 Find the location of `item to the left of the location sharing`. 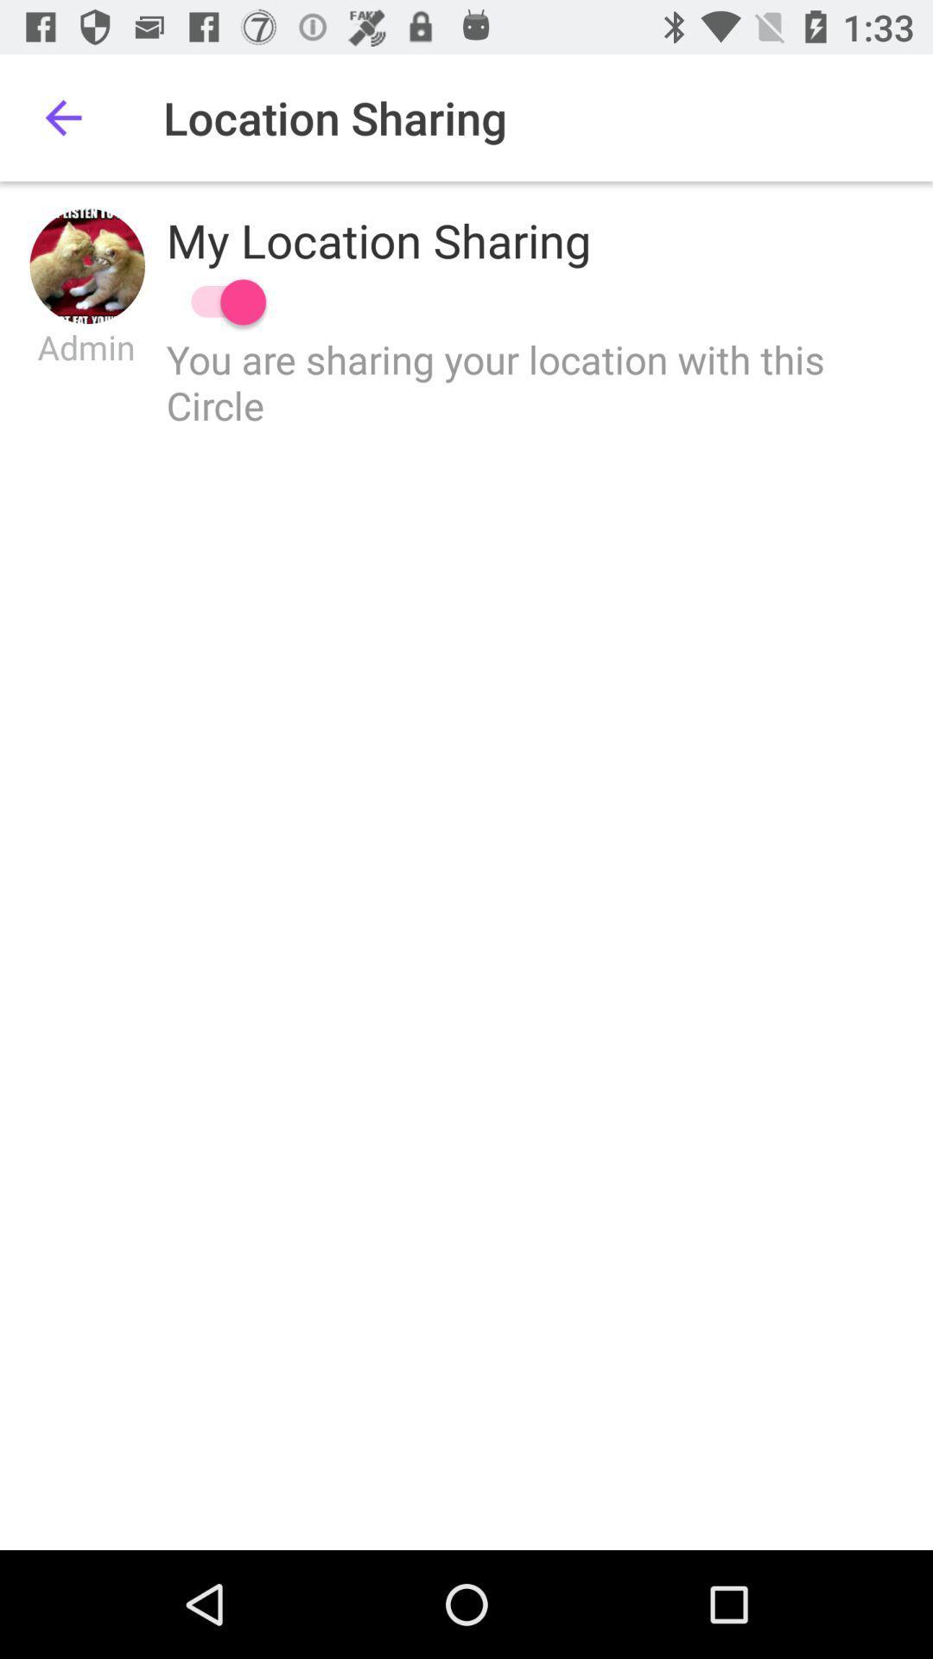

item to the left of the location sharing is located at coordinates (62, 117).